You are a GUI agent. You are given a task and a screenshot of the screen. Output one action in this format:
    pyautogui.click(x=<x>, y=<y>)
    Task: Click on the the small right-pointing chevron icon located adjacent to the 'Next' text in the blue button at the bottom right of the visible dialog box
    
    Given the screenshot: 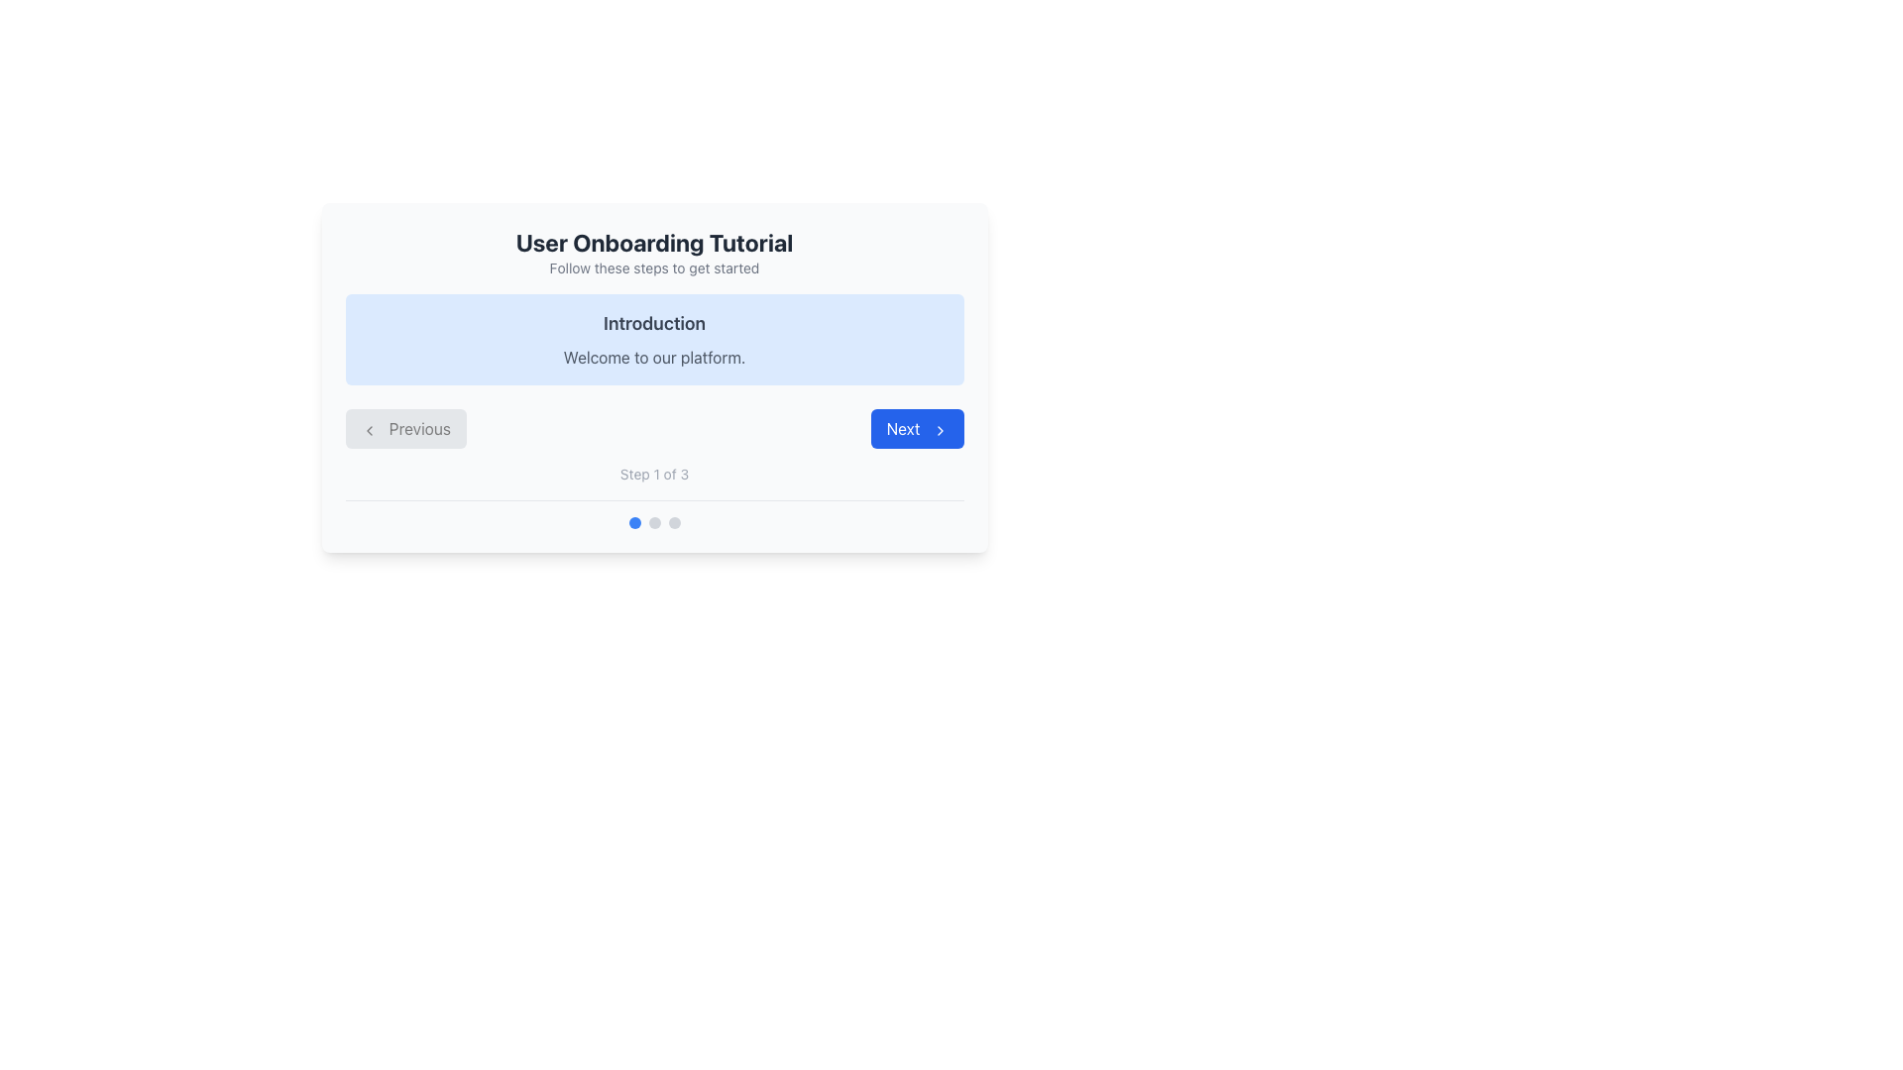 What is the action you would take?
    pyautogui.click(x=939, y=429)
    